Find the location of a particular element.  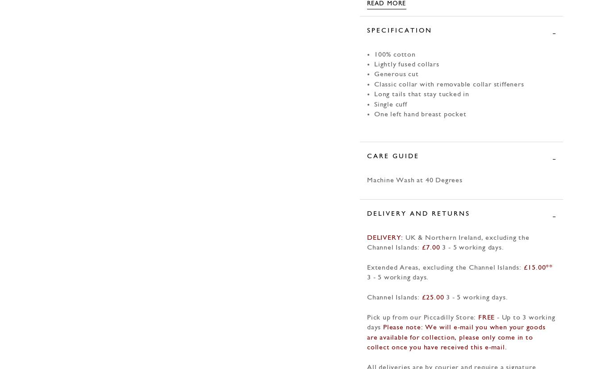

'Please note: We will e-mail you when your goods are available for collection, please only come in to collect once you have received this e-mail.' is located at coordinates (455, 337).